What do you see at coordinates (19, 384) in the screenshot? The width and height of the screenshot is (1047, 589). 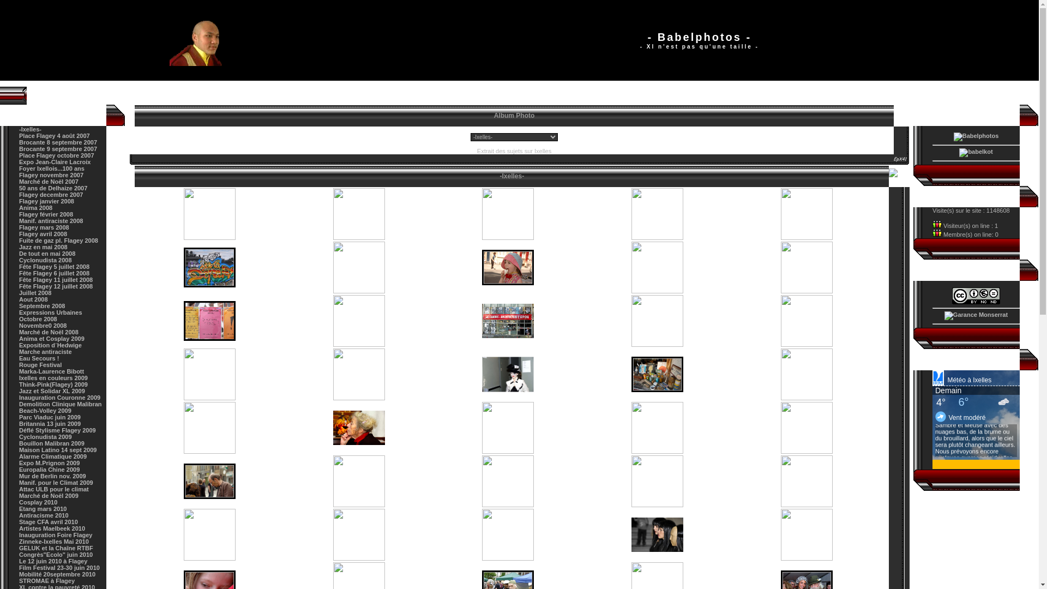 I see `'Think-Pink(Flagey) 2009'` at bounding box center [19, 384].